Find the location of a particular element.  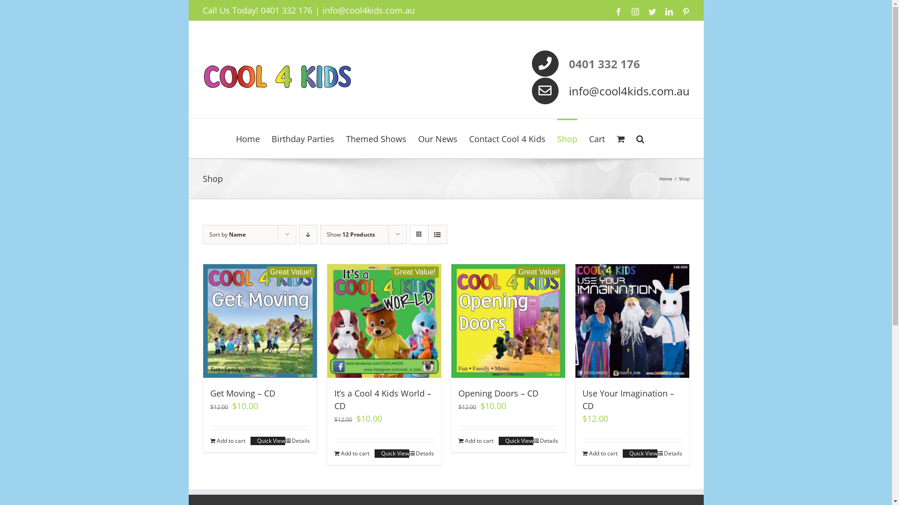

'Sort by Name' is located at coordinates (208, 234).